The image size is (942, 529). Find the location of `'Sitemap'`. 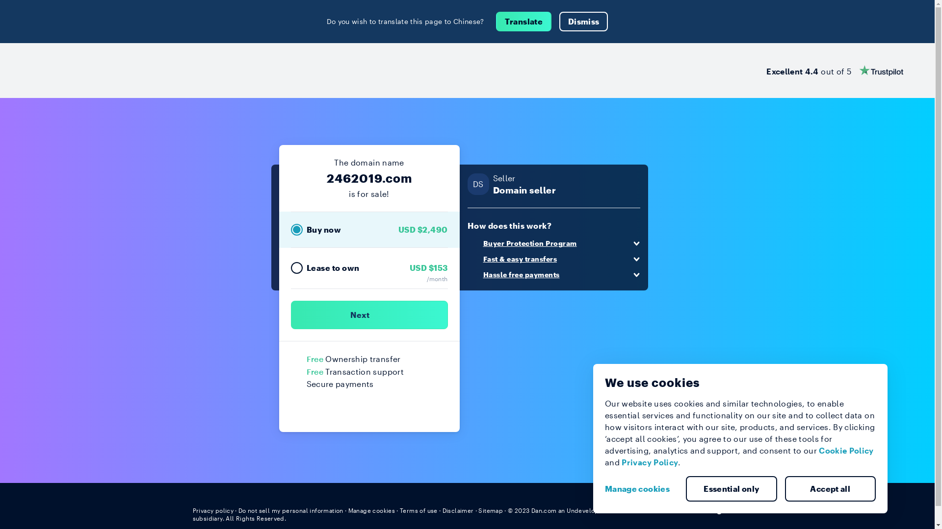

'Sitemap' is located at coordinates (478, 509).